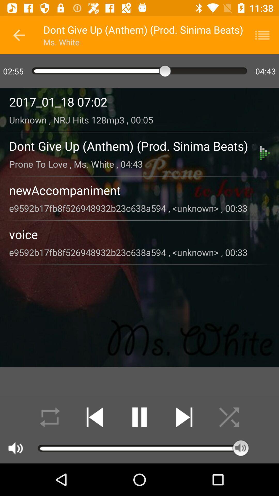 This screenshot has width=279, height=496. What do you see at coordinates (19, 35) in the screenshot?
I see `the icon to the left of dont give up` at bounding box center [19, 35].